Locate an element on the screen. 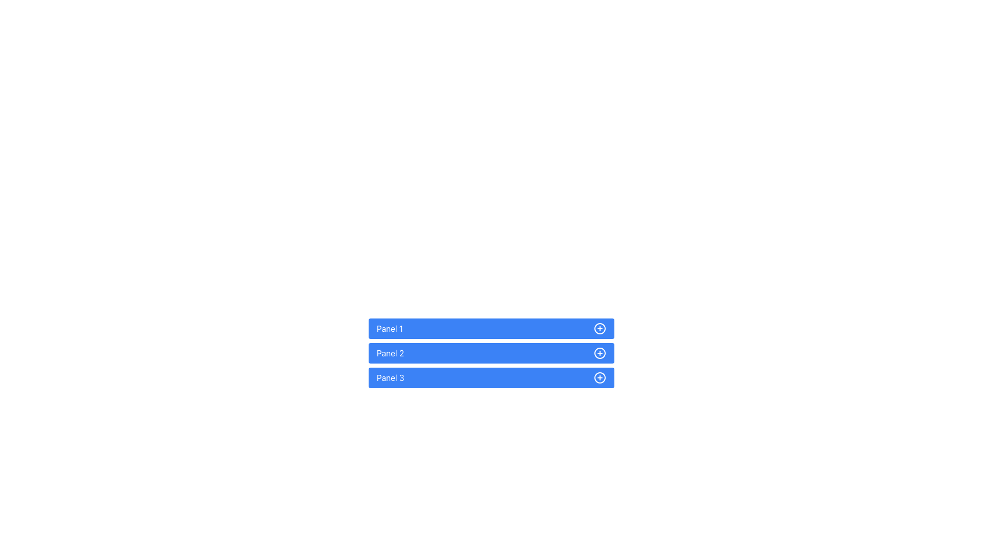 The height and width of the screenshot is (553, 983). the first clickable panel at the top of the vertical group is located at coordinates (491, 328).